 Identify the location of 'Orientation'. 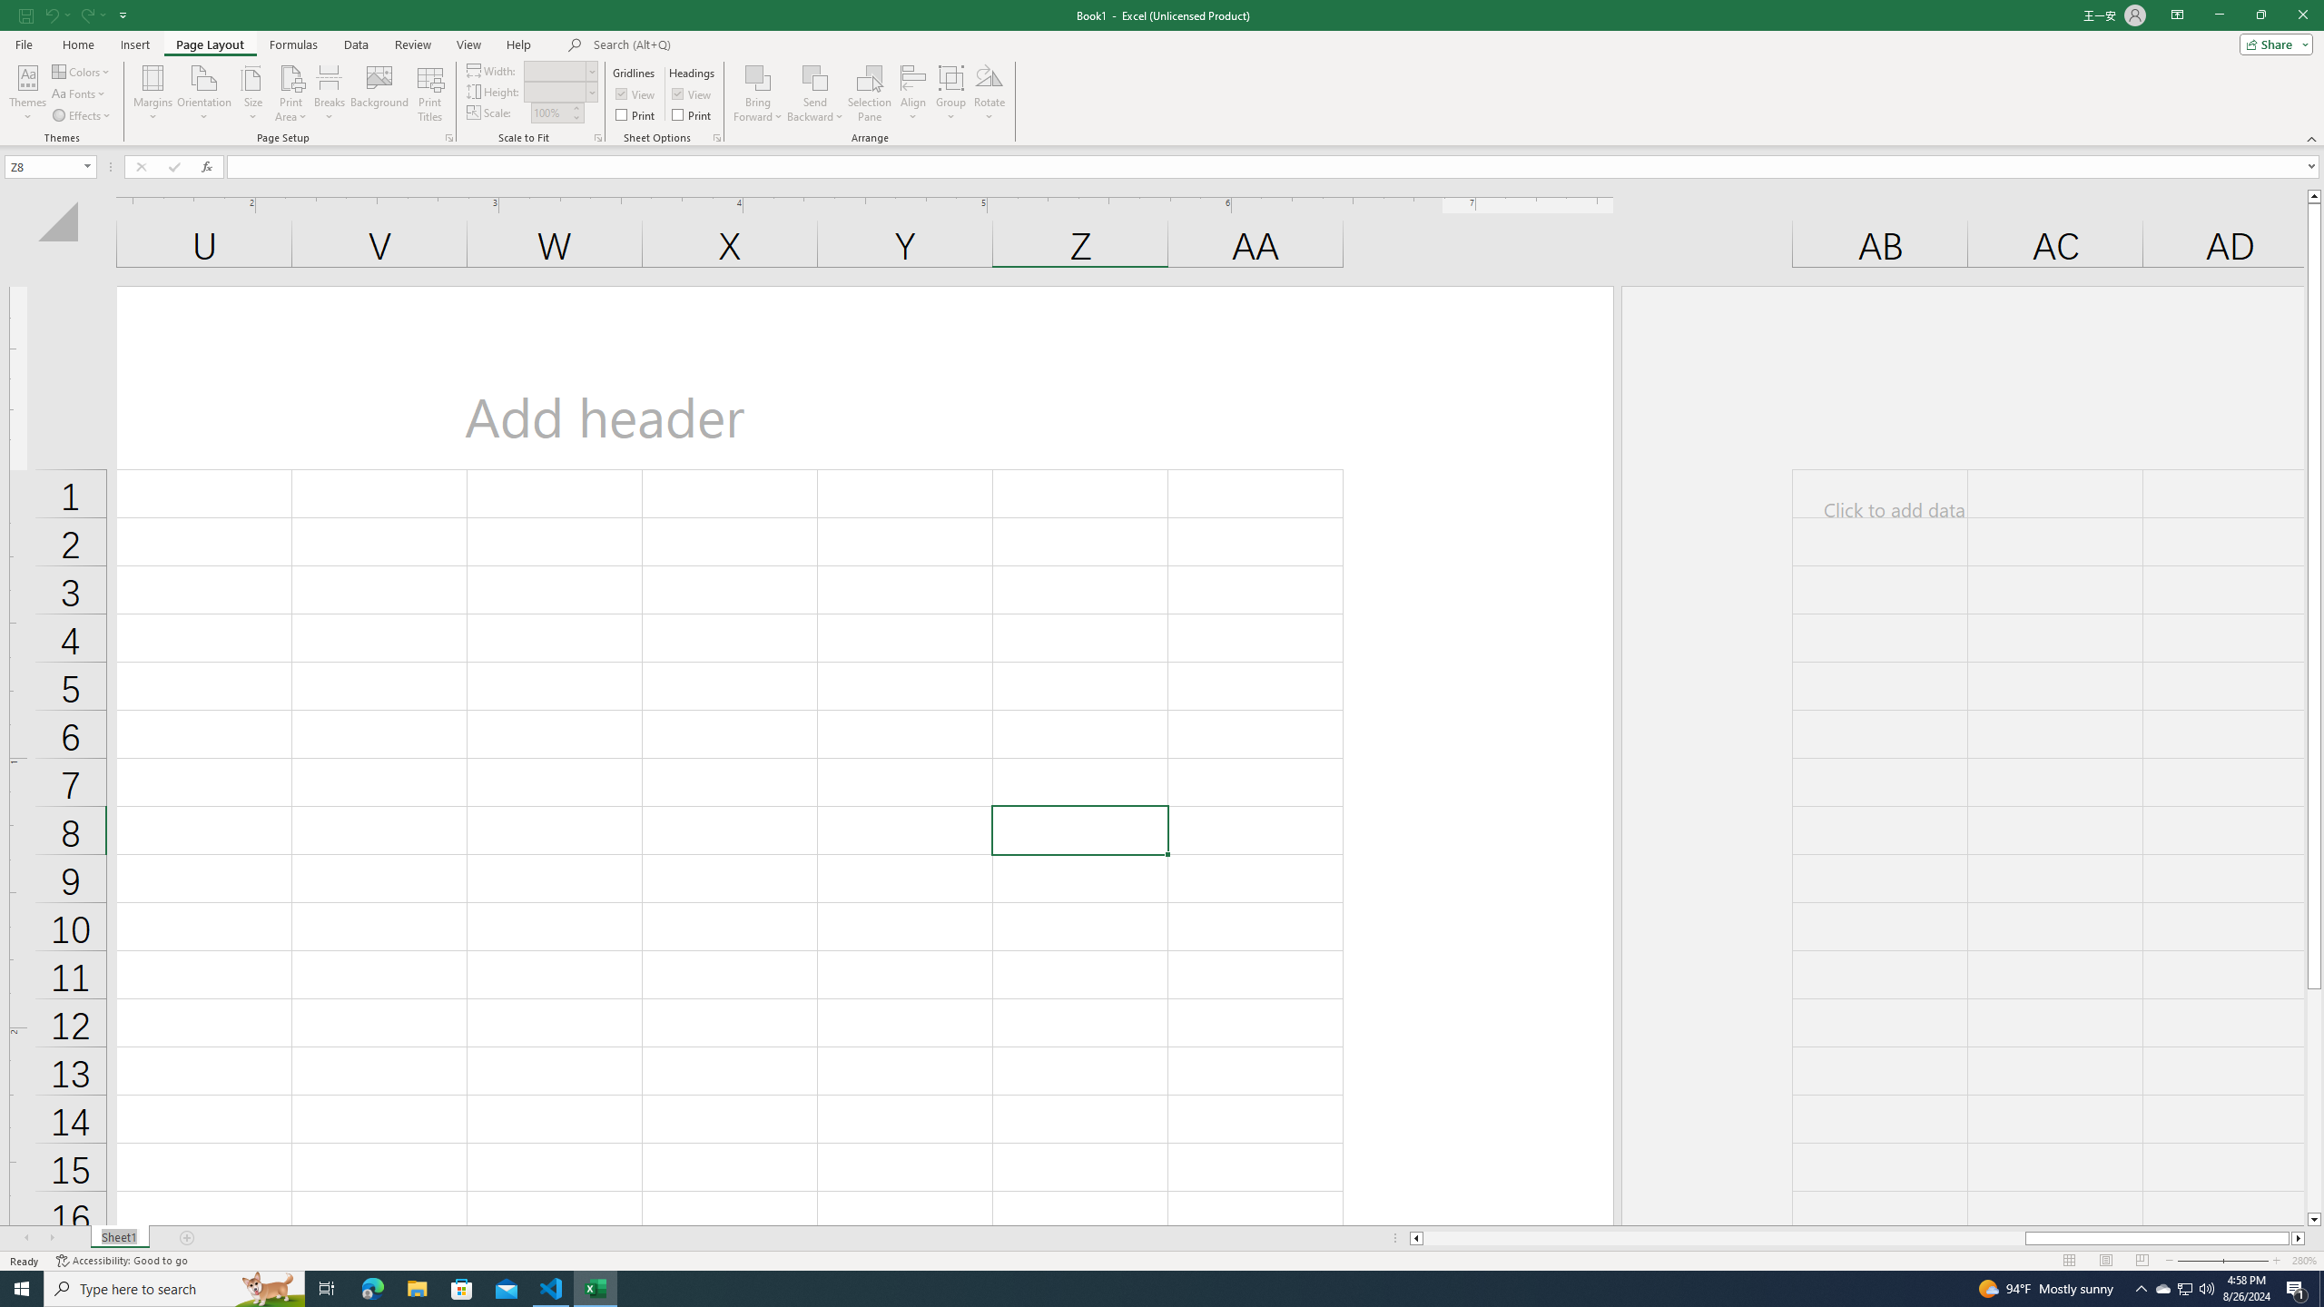
(203, 93).